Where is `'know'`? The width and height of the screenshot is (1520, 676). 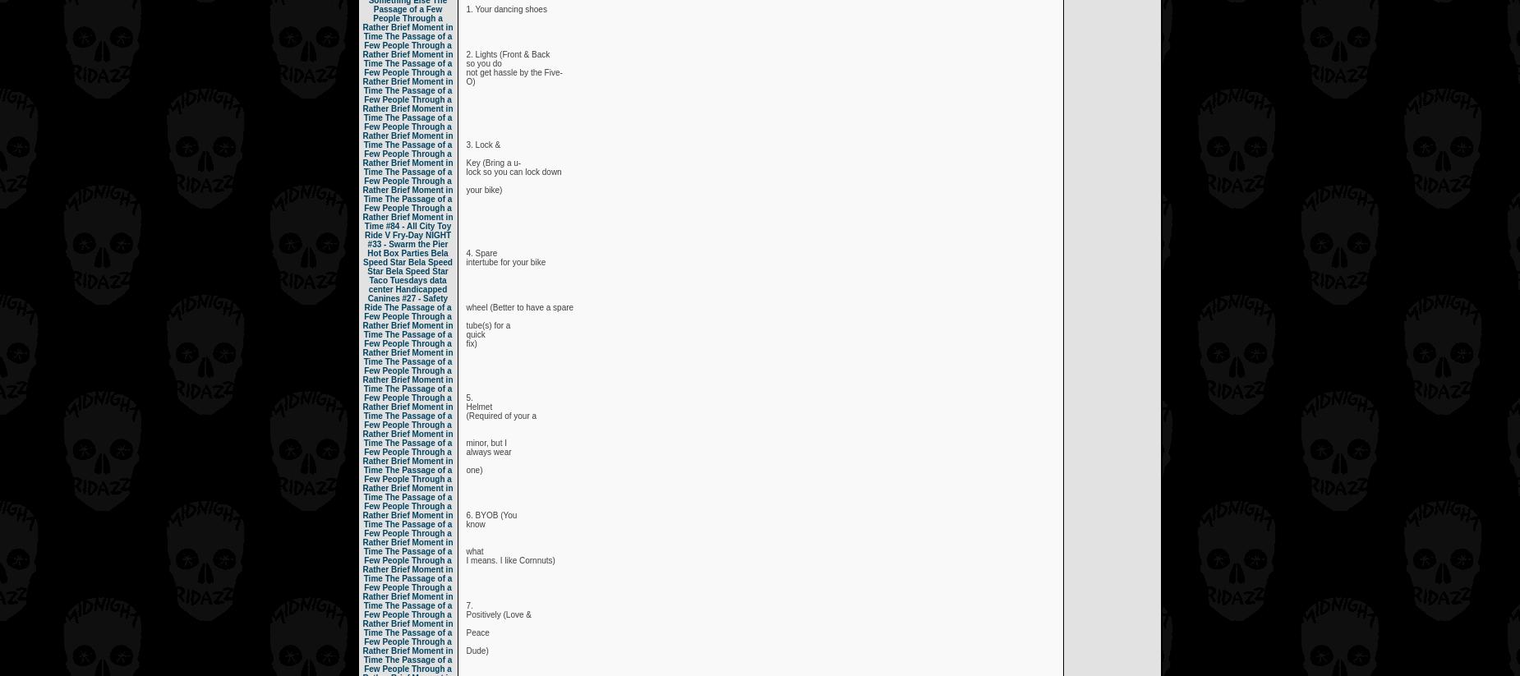
'know' is located at coordinates (466, 524).